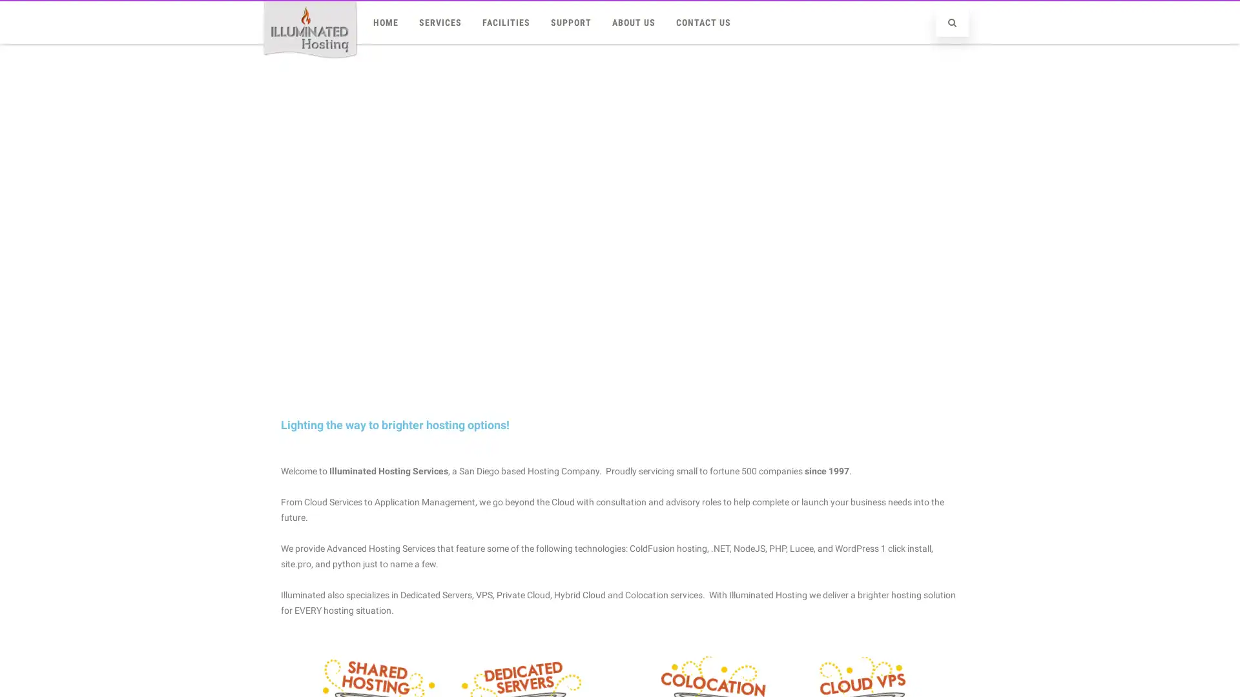 The image size is (1240, 697). I want to click on slider4, so click(637, 416).